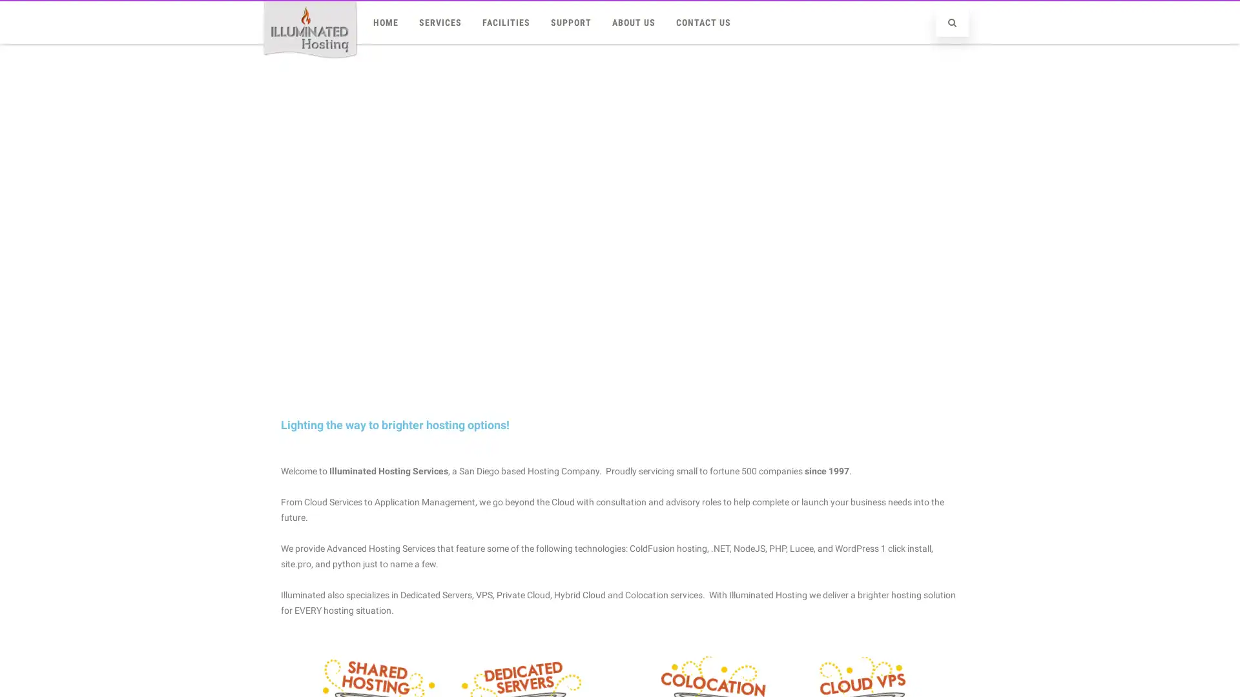 The image size is (1240, 697). I want to click on slider4, so click(637, 416).